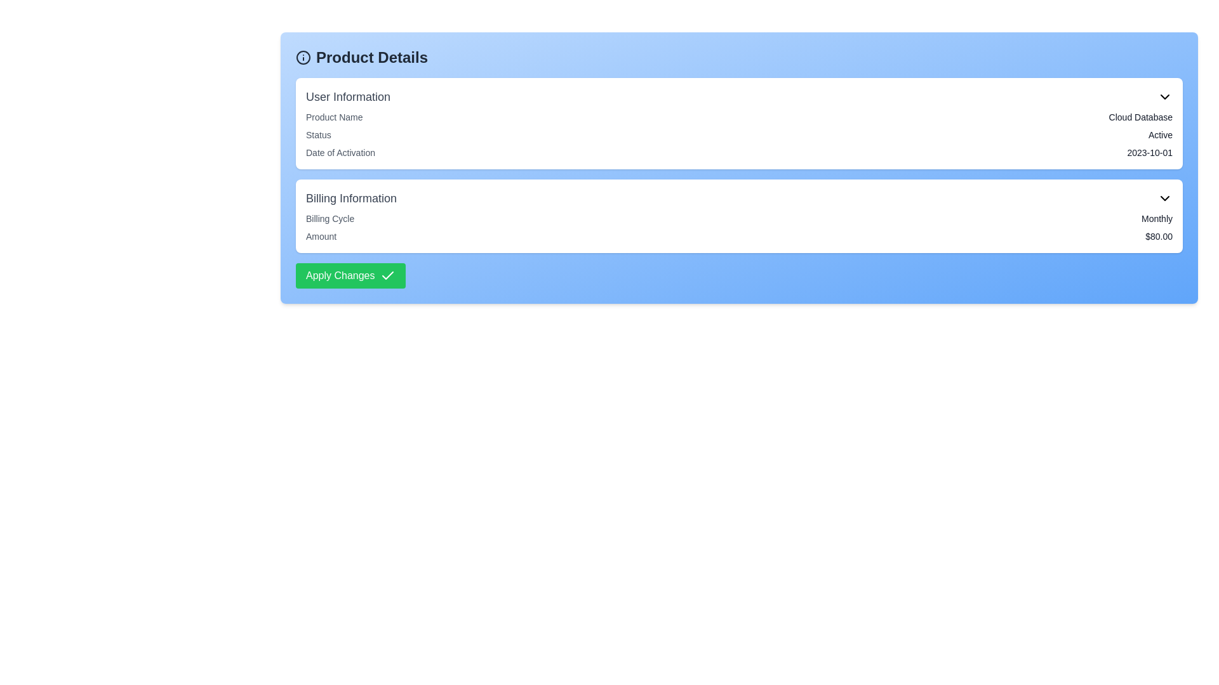  What do you see at coordinates (1161, 134) in the screenshot?
I see `the 'Active' text label, which is aligned to the right edge of the 'User Information' section under the 'Status' row` at bounding box center [1161, 134].